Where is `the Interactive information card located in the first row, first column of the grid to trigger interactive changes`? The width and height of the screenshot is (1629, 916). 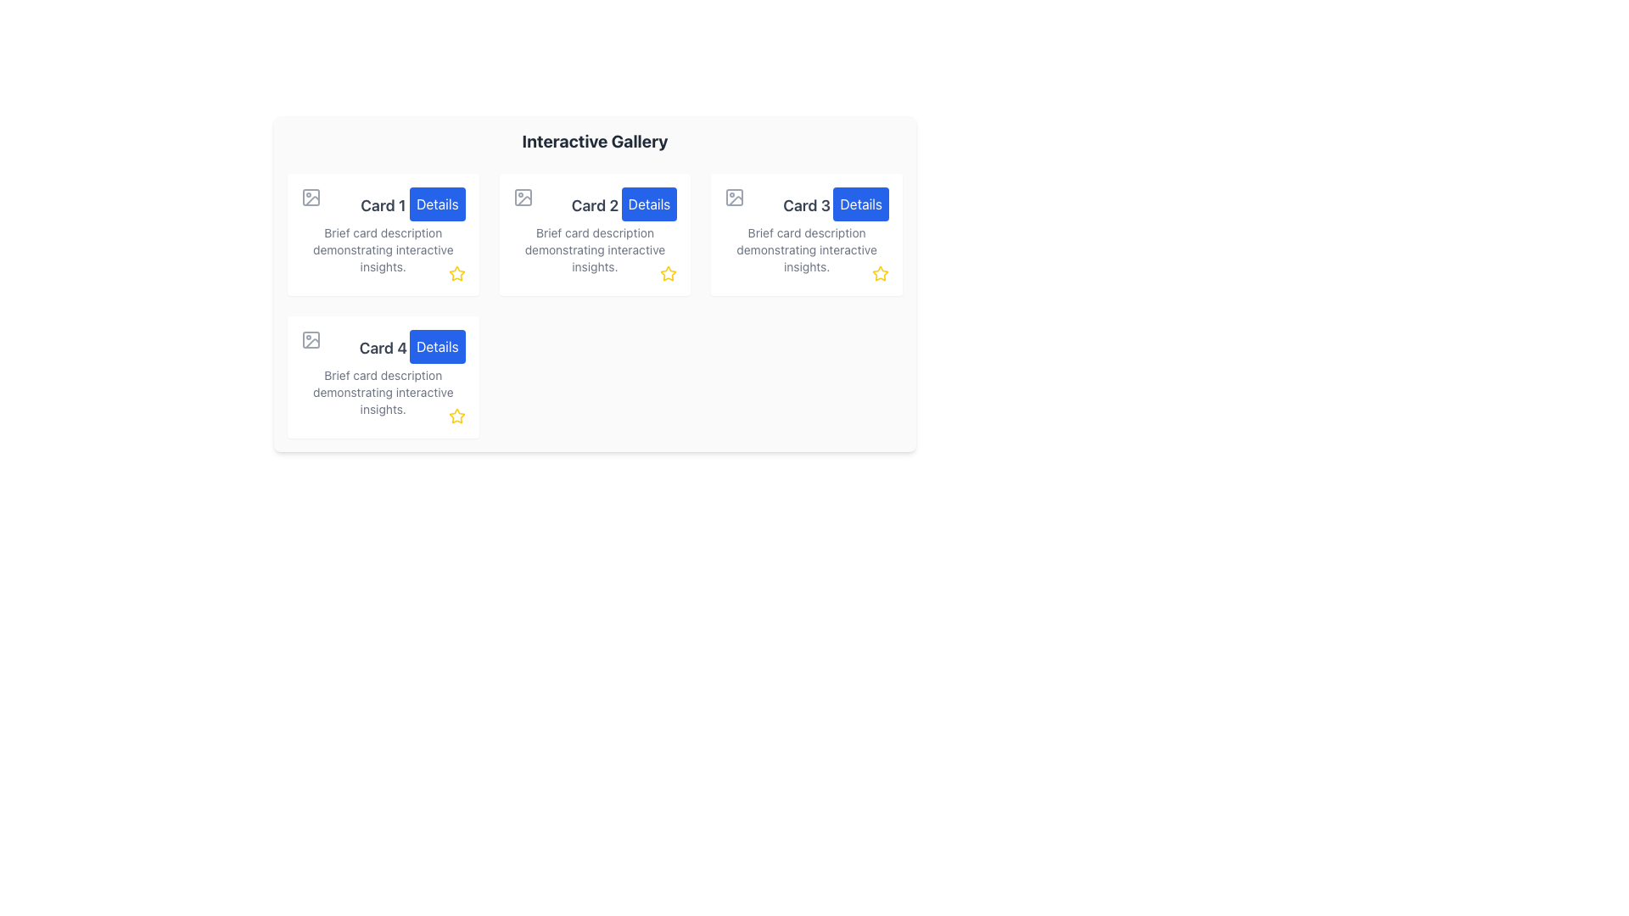 the Interactive information card located in the first row, first column of the grid to trigger interactive changes is located at coordinates (382, 235).